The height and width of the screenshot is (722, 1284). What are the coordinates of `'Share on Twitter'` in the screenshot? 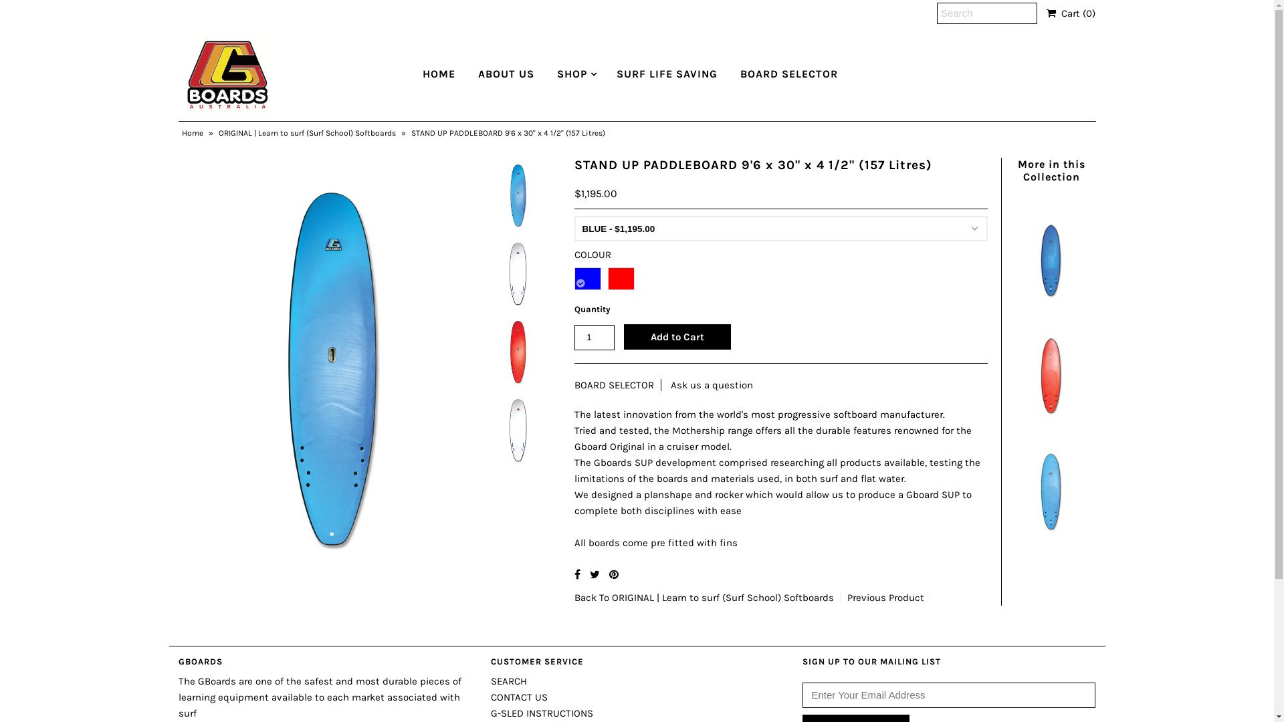 It's located at (594, 574).